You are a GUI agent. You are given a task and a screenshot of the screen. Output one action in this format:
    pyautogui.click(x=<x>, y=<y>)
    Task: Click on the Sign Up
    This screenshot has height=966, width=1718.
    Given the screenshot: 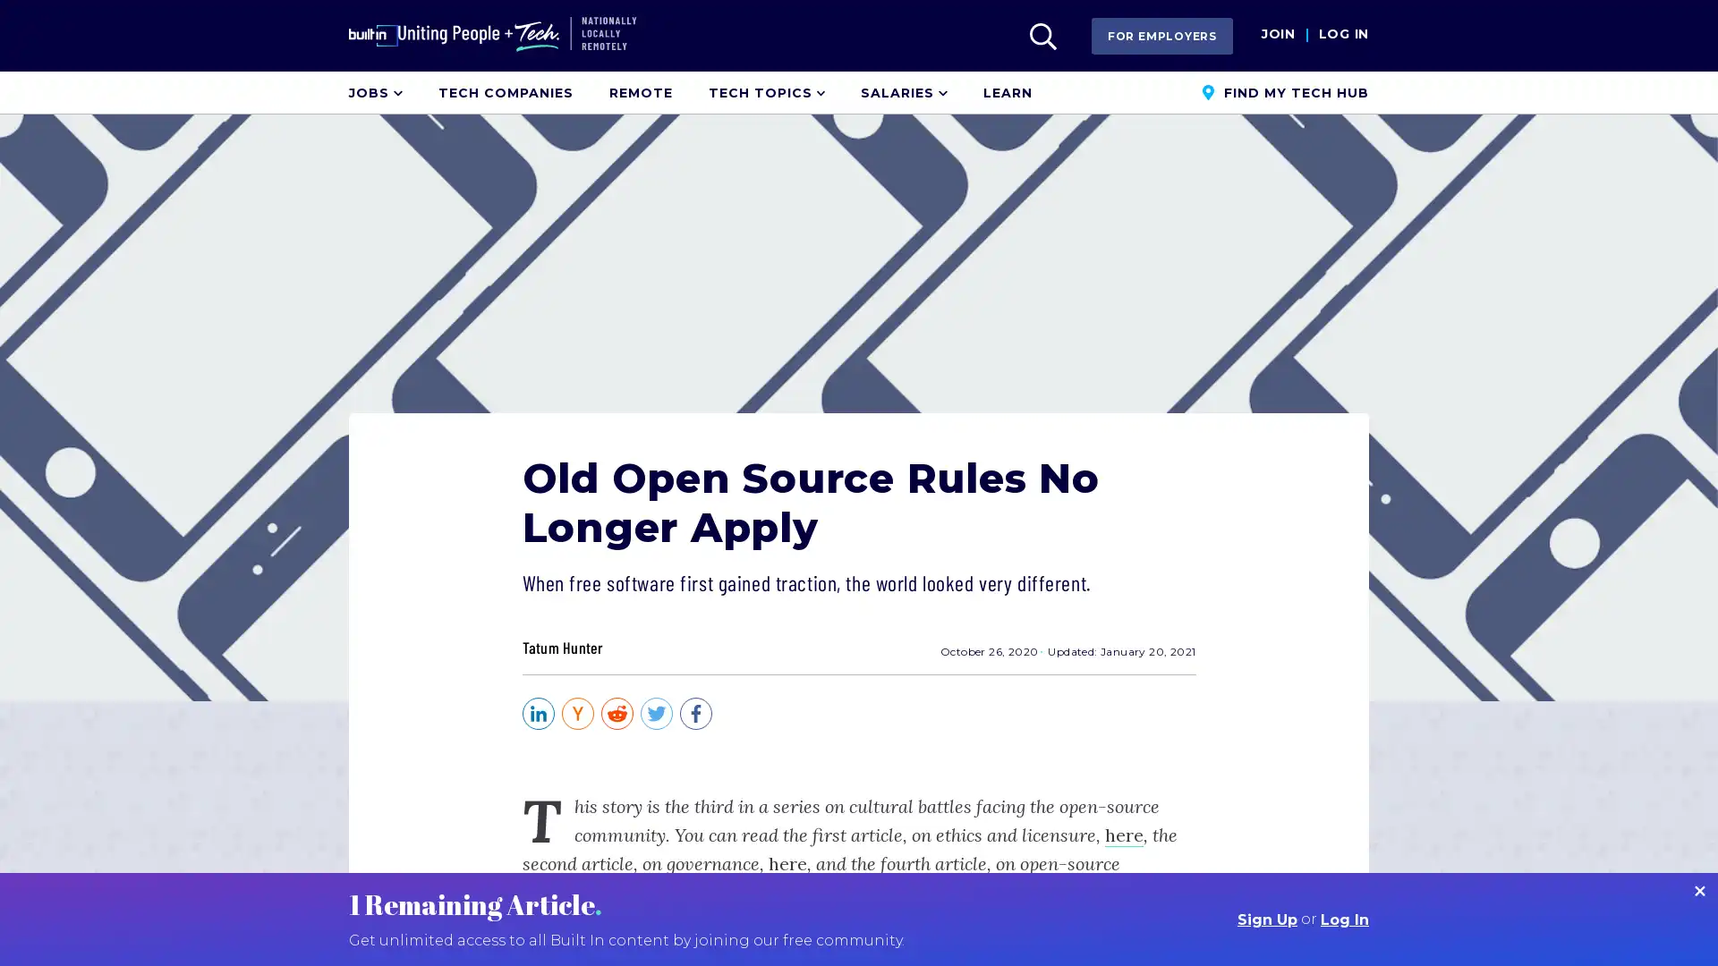 What is the action you would take?
    pyautogui.click(x=1266, y=919)
    